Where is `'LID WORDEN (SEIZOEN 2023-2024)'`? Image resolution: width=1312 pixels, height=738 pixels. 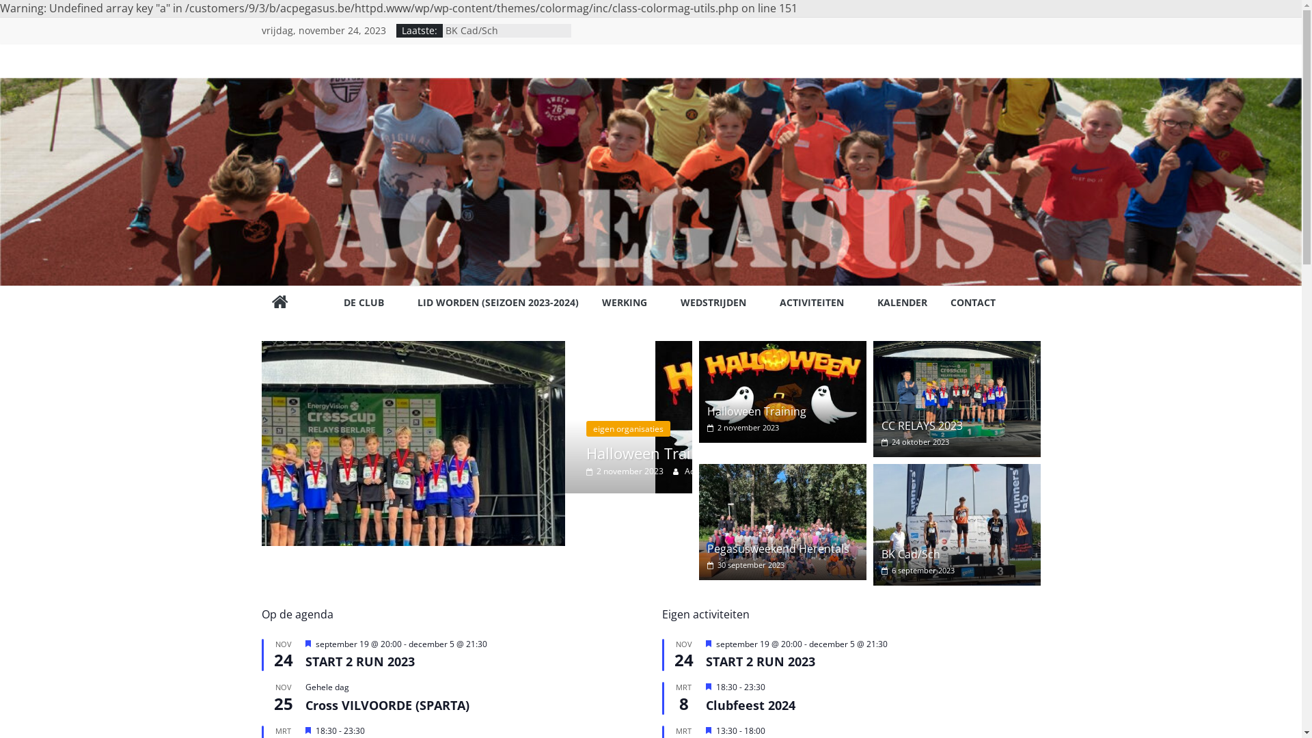
'LID WORDEN (SEIZOEN 2023-2024)' is located at coordinates (497, 302).